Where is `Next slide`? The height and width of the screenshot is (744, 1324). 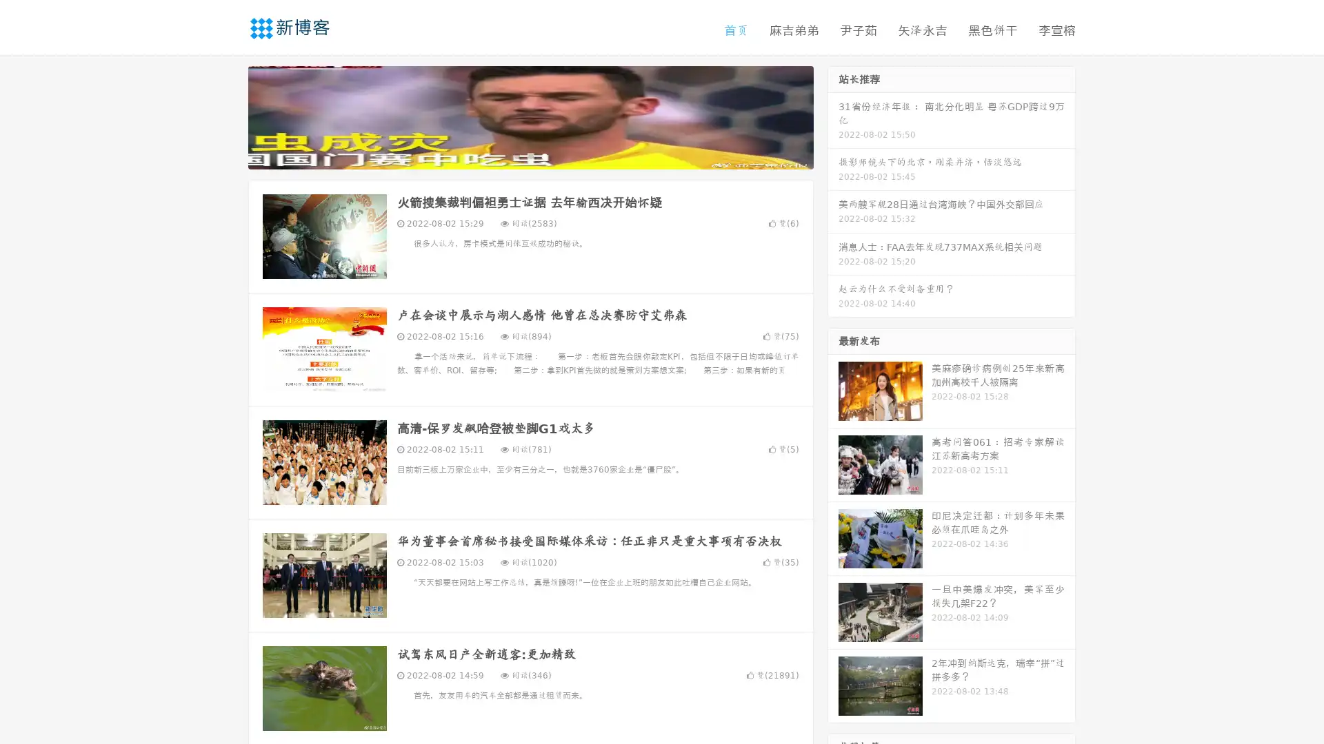 Next slide is located at coordinates (833, 116).